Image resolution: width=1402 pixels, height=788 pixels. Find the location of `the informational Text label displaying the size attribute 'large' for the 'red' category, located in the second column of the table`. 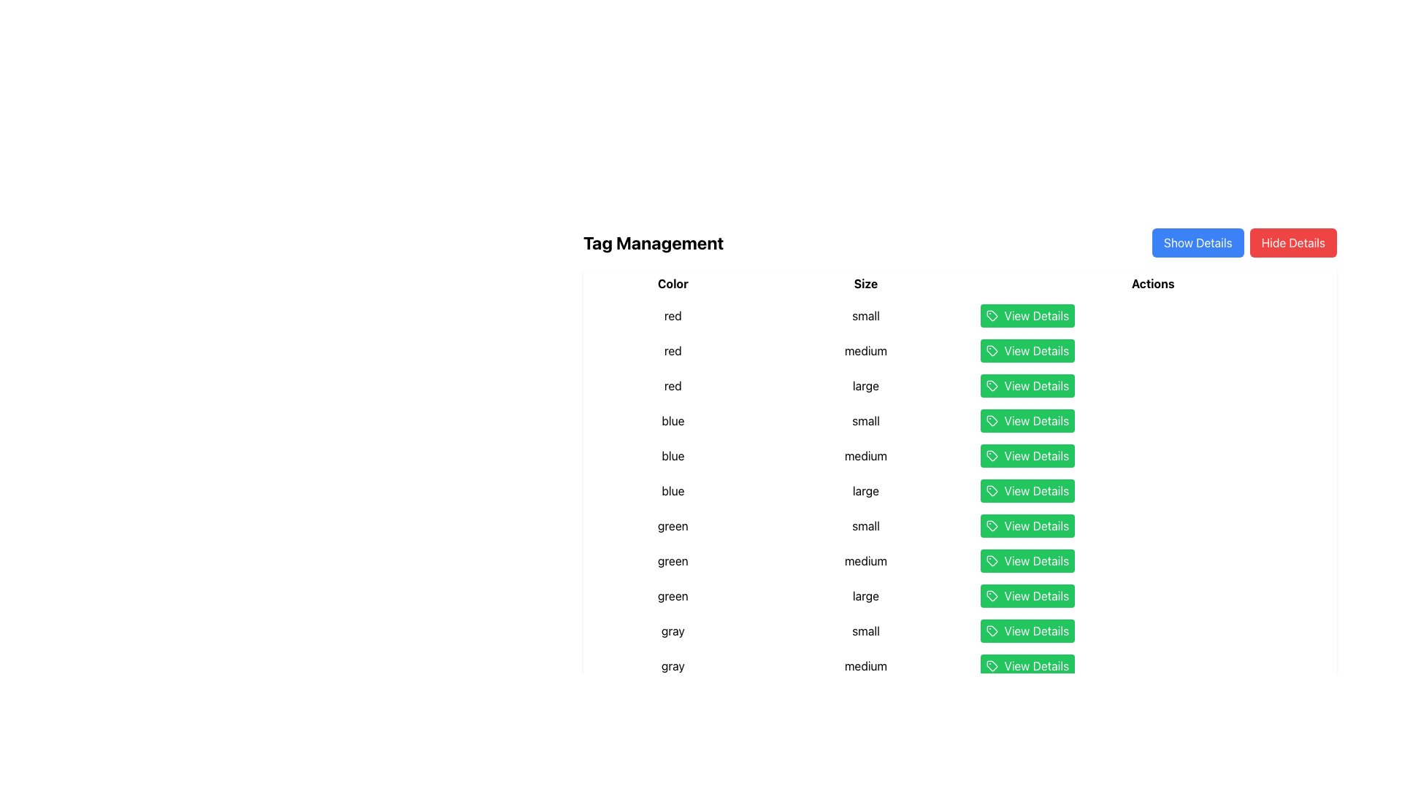

the informational Text label displaying the size attribute 'large' for the 'red' category, located in the second column of the table is located at coordinates (865, 385).